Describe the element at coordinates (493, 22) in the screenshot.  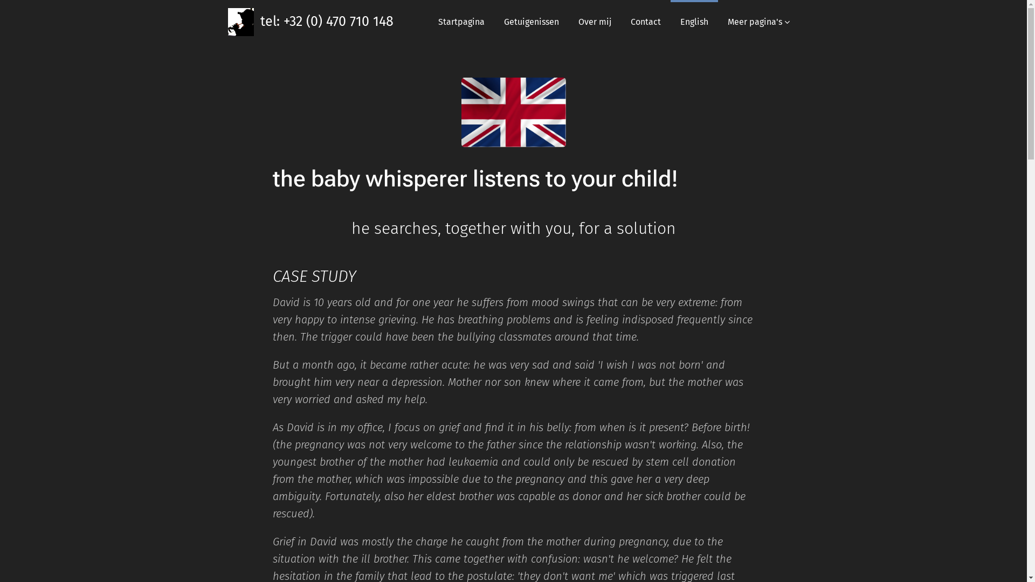
I see `'Getuigenissen'` at that location.